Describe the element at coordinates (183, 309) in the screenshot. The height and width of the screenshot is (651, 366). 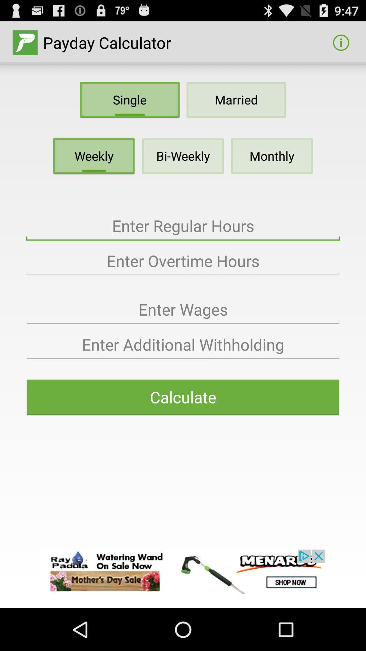
I see `wages` at that location.